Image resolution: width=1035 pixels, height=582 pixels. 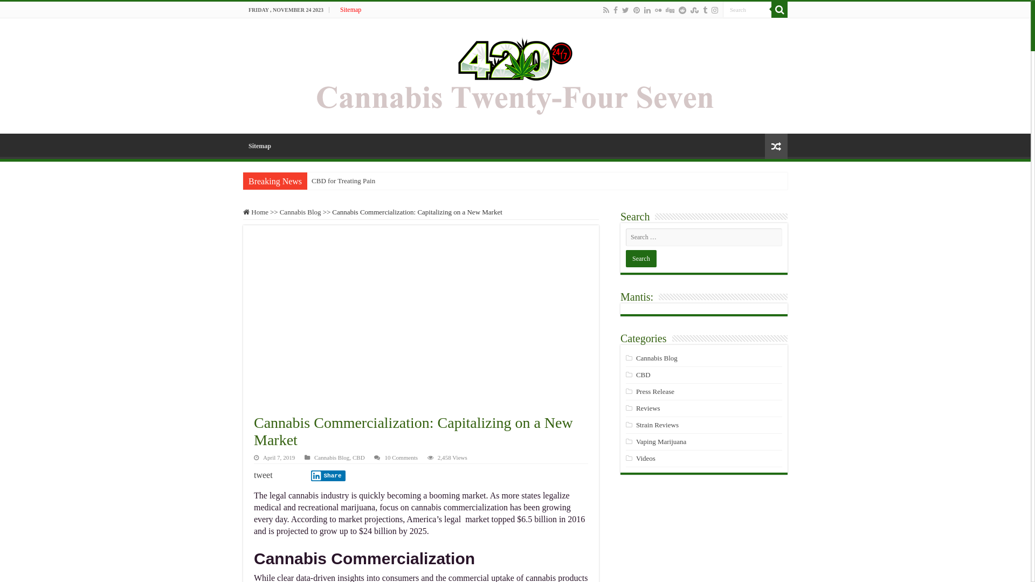 I want to click on 'Search', so click(x=722, y=9).